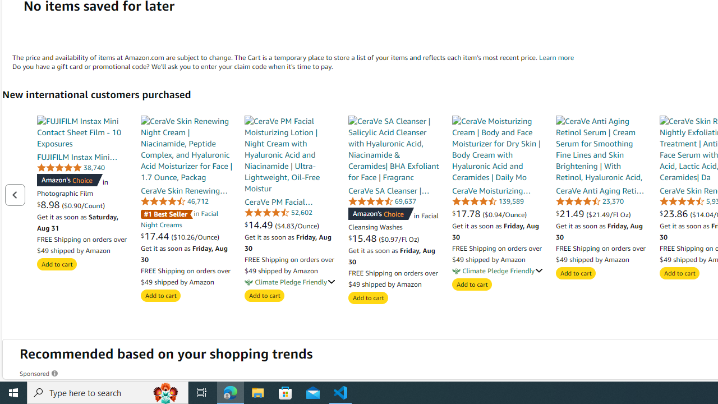 Image resolution: width=718 pixels, height=404 pixels. I want to click on '$21.49 ', so click(571, 213).